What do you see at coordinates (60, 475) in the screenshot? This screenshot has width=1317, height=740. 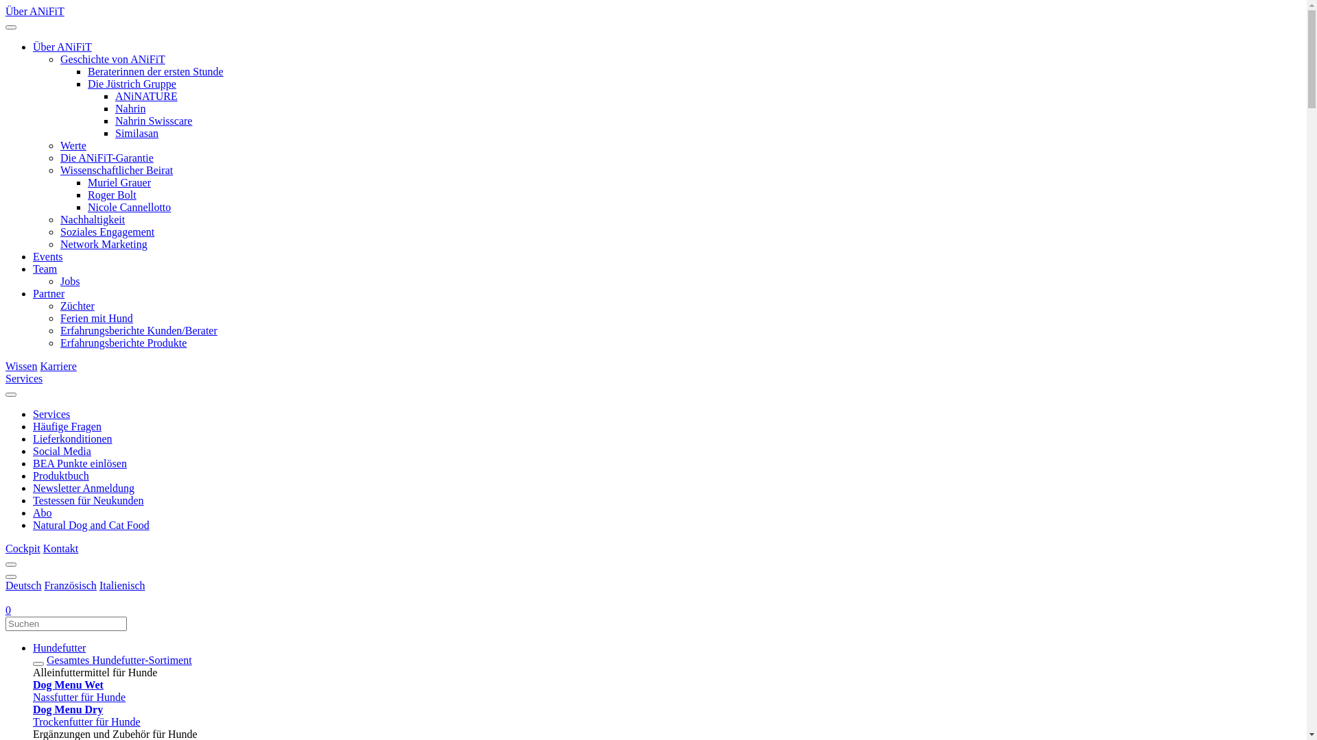 I see `'Produktbuch'` at bounding box center [60, 475].